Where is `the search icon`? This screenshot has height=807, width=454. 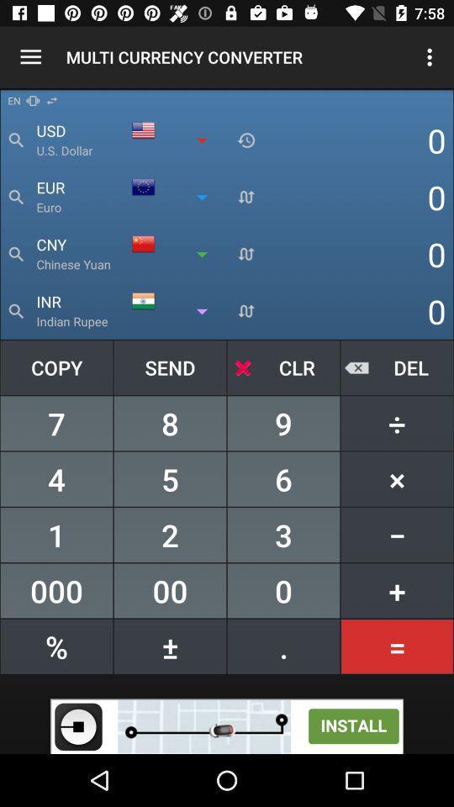
the search icon is located at coordinates (15, 140).